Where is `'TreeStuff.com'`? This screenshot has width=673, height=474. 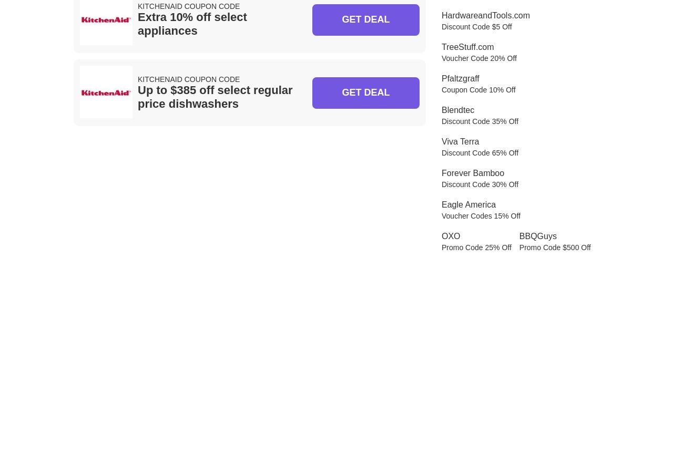
'TreeStuff.com' is located at coordinates (467, 46).